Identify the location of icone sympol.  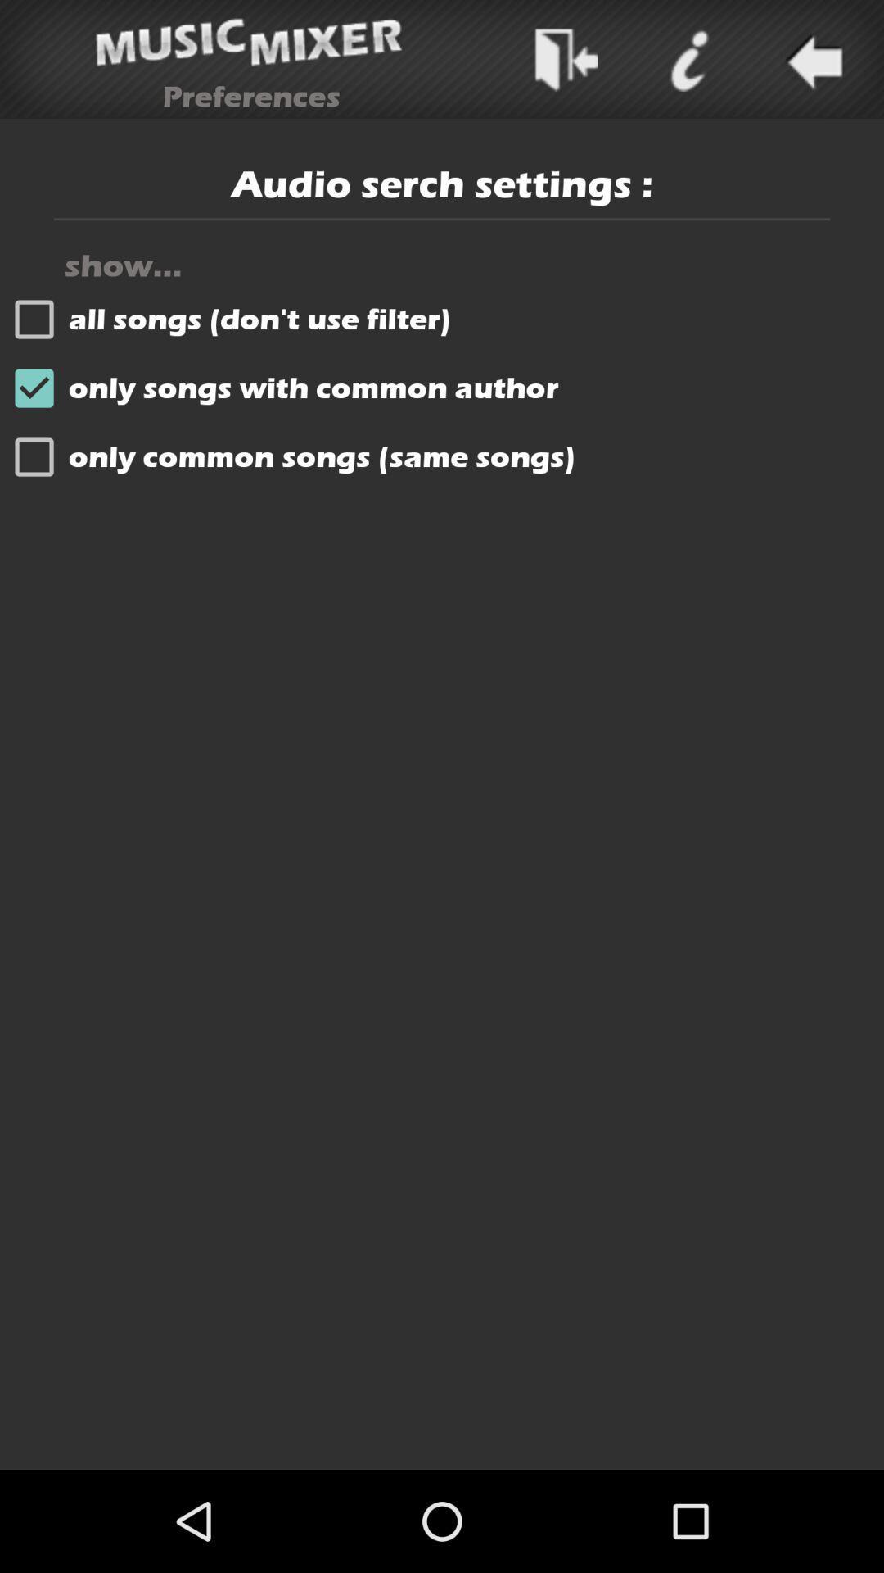
(688, 59).